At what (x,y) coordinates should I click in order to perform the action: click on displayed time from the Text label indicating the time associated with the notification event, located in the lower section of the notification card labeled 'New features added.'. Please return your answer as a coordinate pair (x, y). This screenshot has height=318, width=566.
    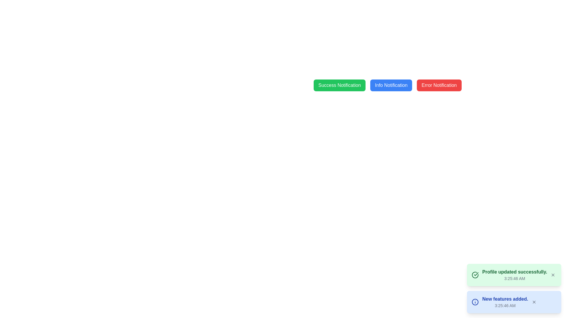
    Looking at the image, I should click on (505, 305).